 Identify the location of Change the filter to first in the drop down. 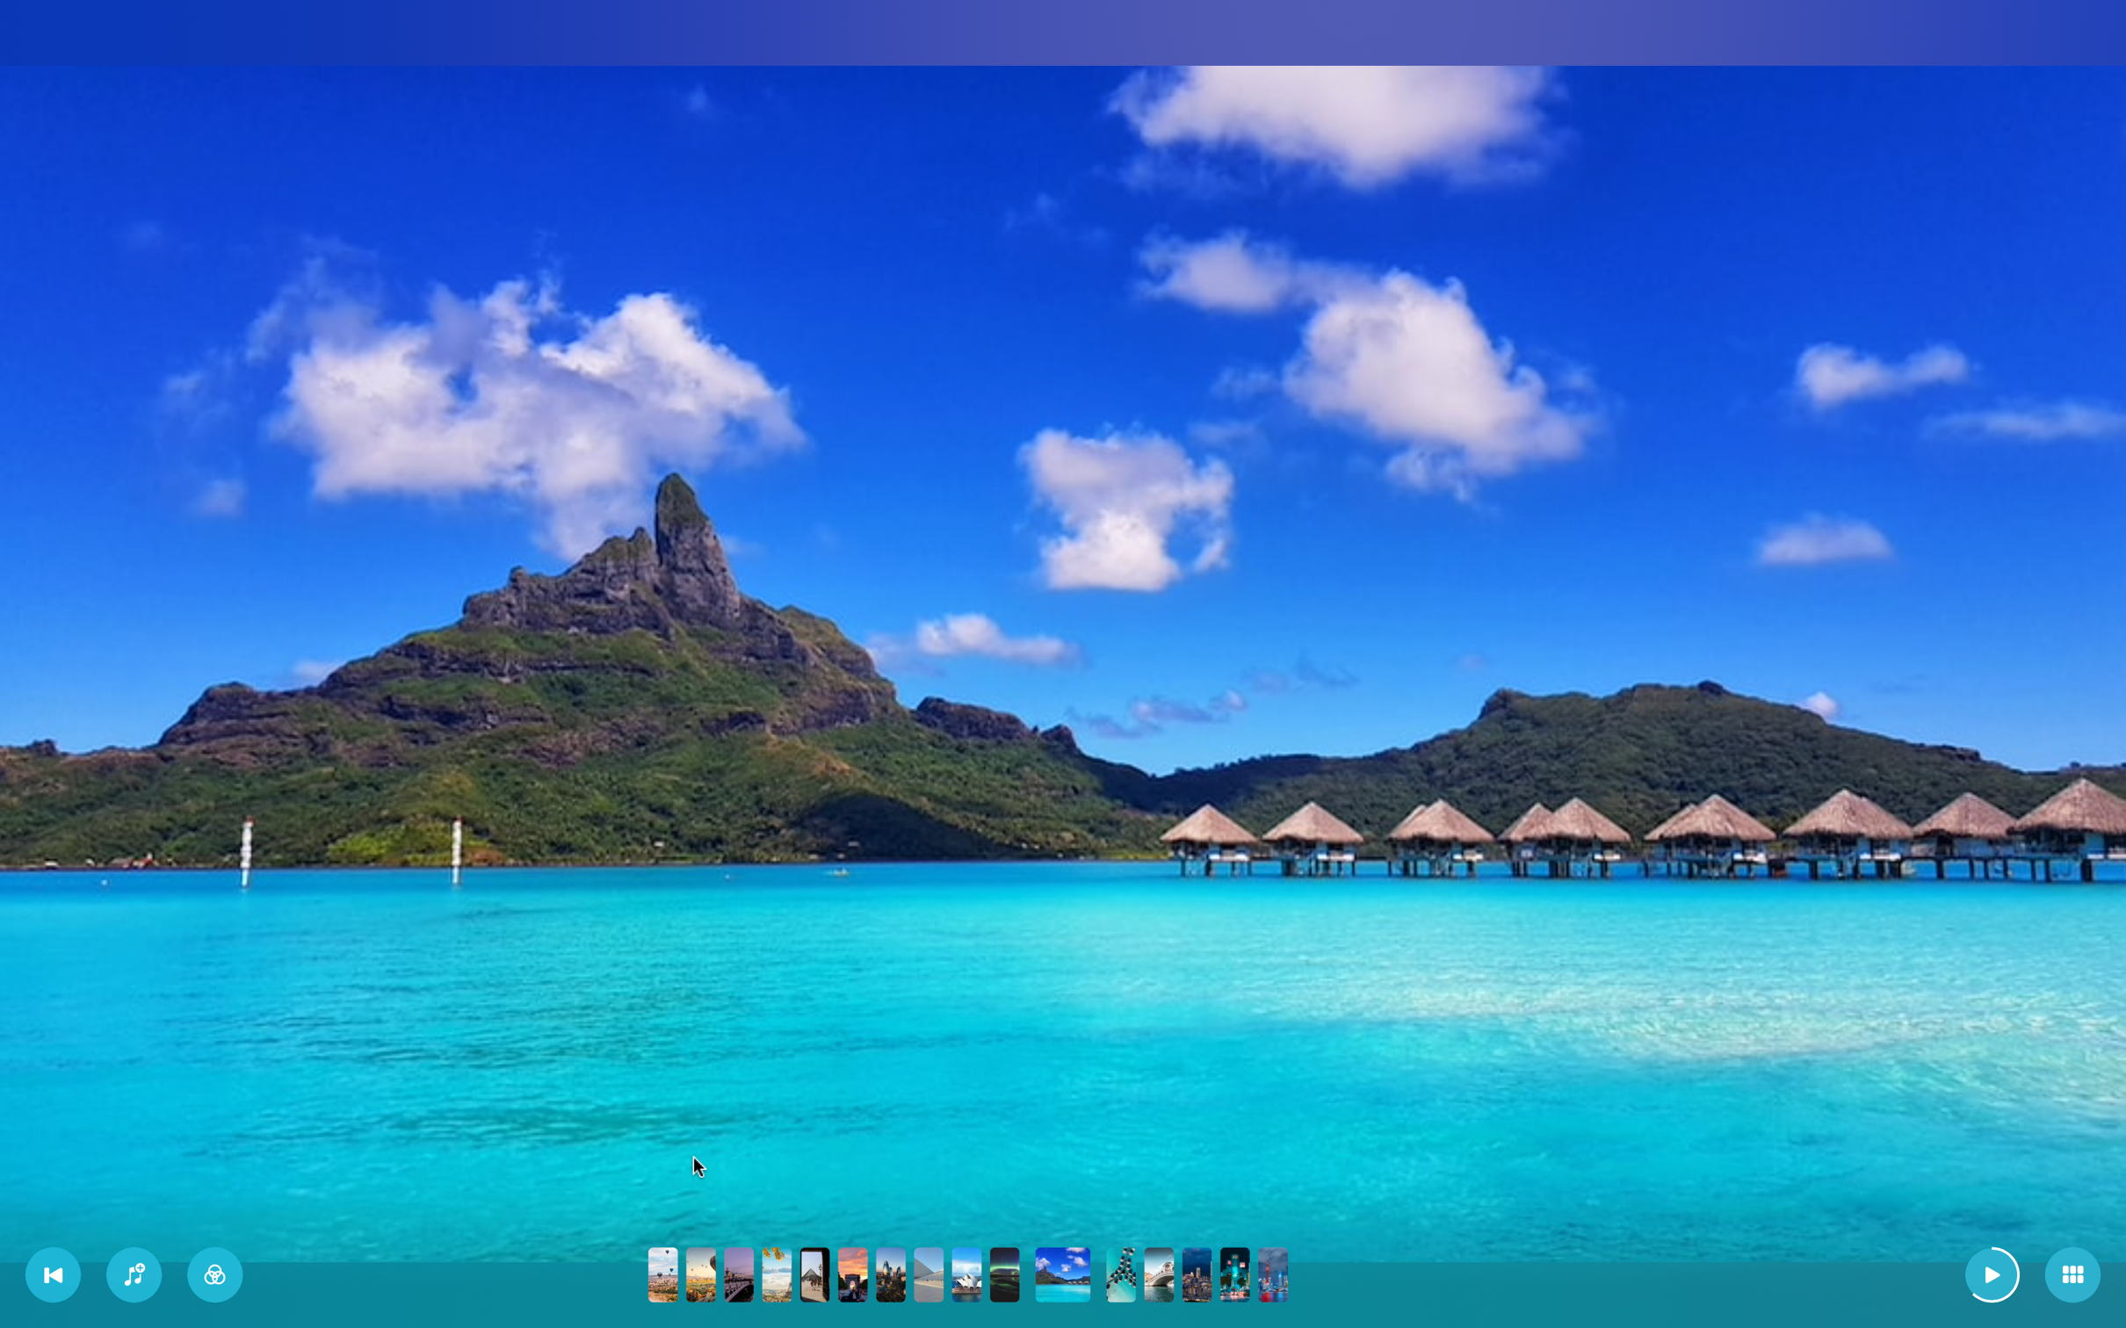
(215, 1274).